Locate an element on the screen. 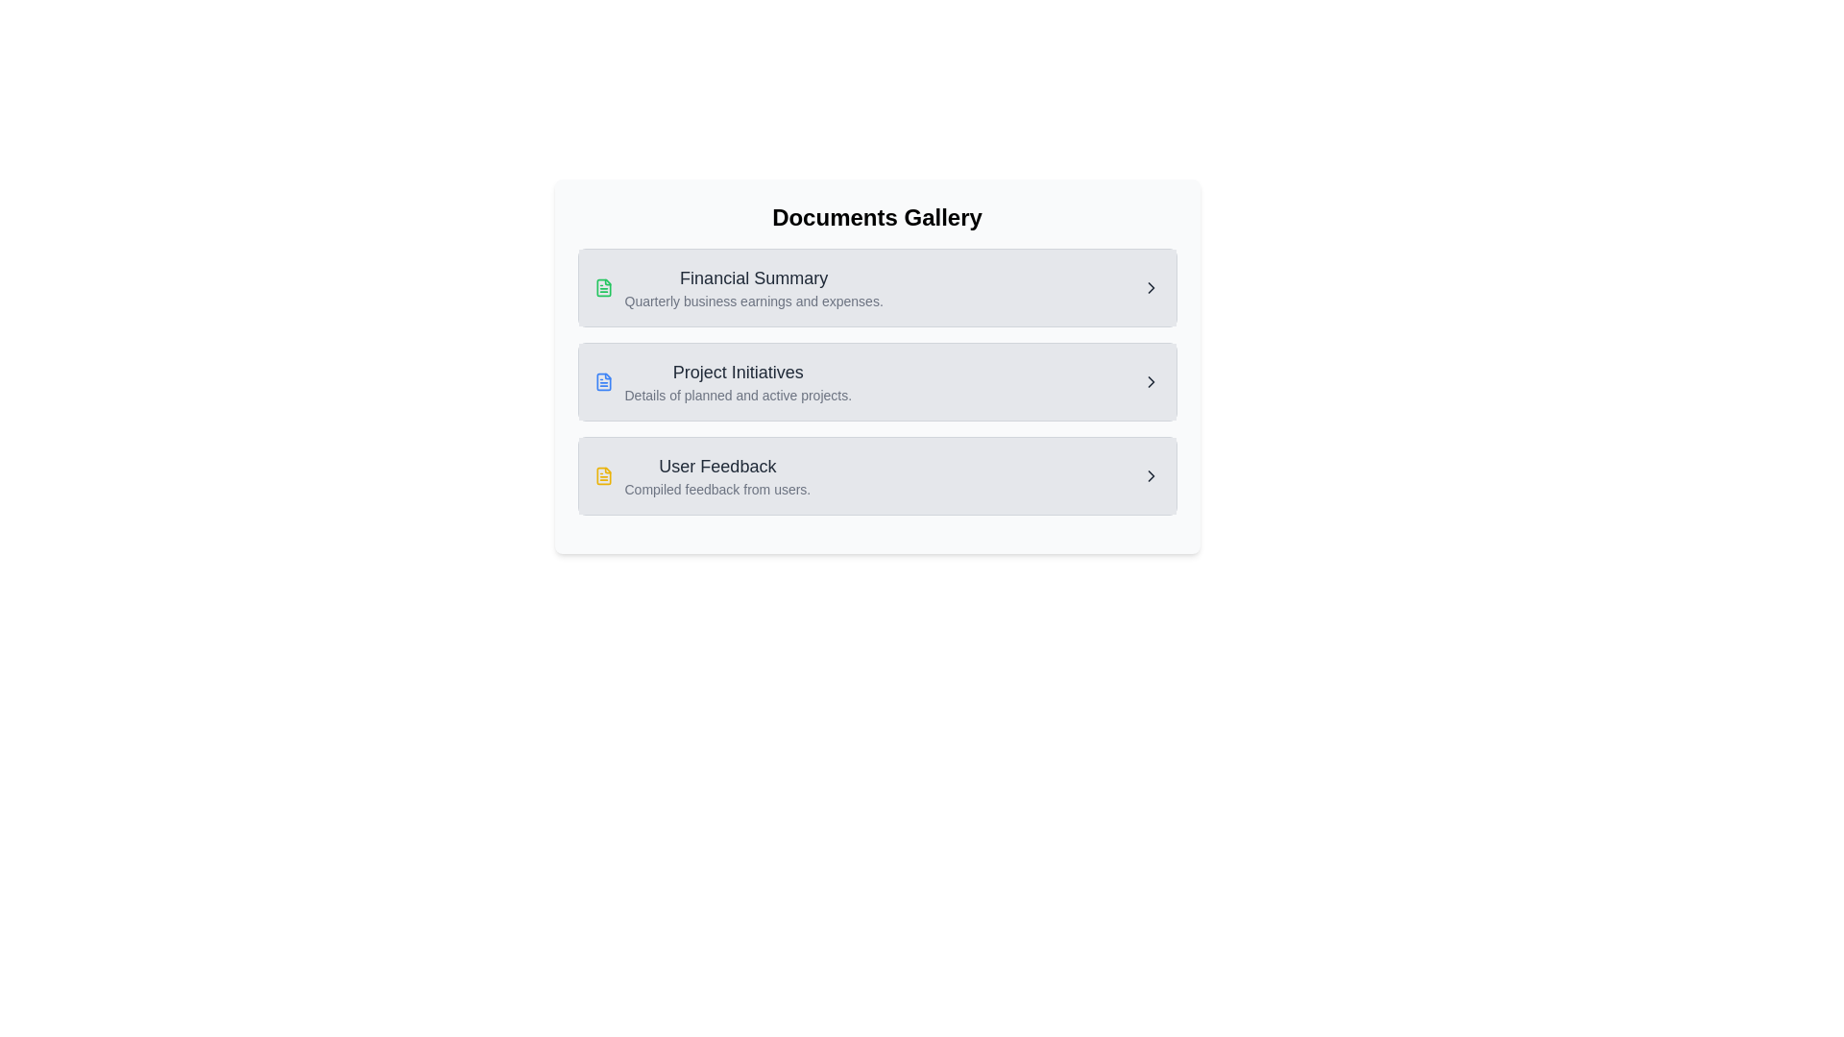 The image size is (1844, 1037). the third List Item with Navigation in the Documents Gallery is located at coordinates (876, 475).